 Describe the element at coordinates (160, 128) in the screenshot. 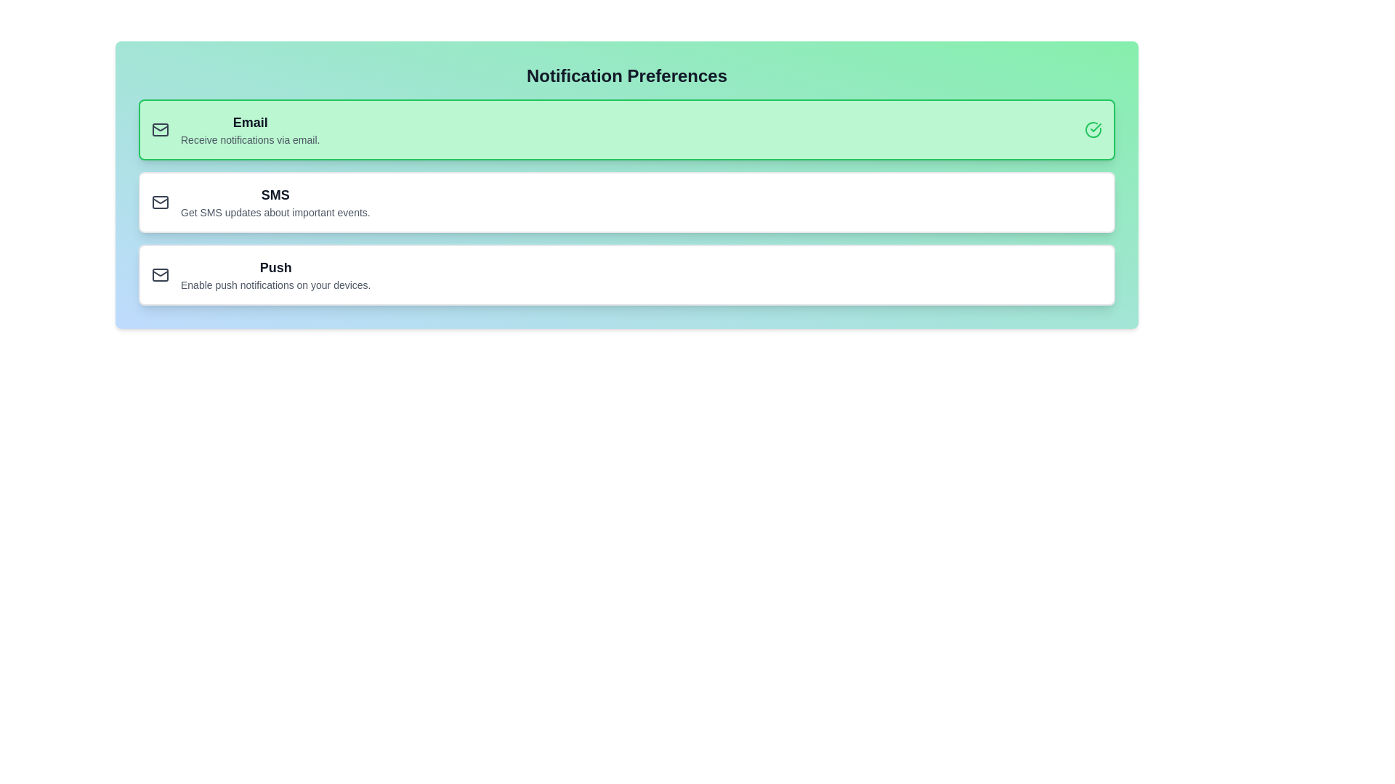

I see `the inner triangular line at the bottom folding edge of the envelope icon representing email notifications, located to the left of the 'Email' text in the first notification preference row` at that location.